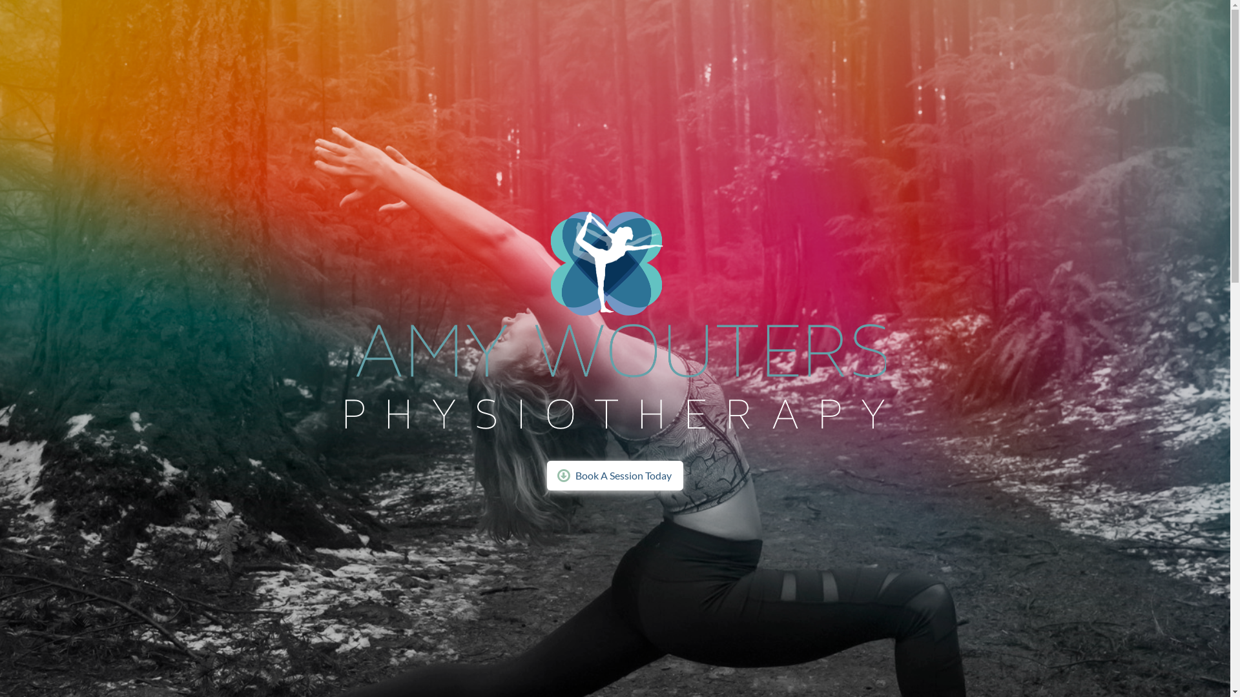  What do you see at coordinates (614, 475) in the screenshot?
I see `'Book A Session Today'` at bounding box center [614, 475].